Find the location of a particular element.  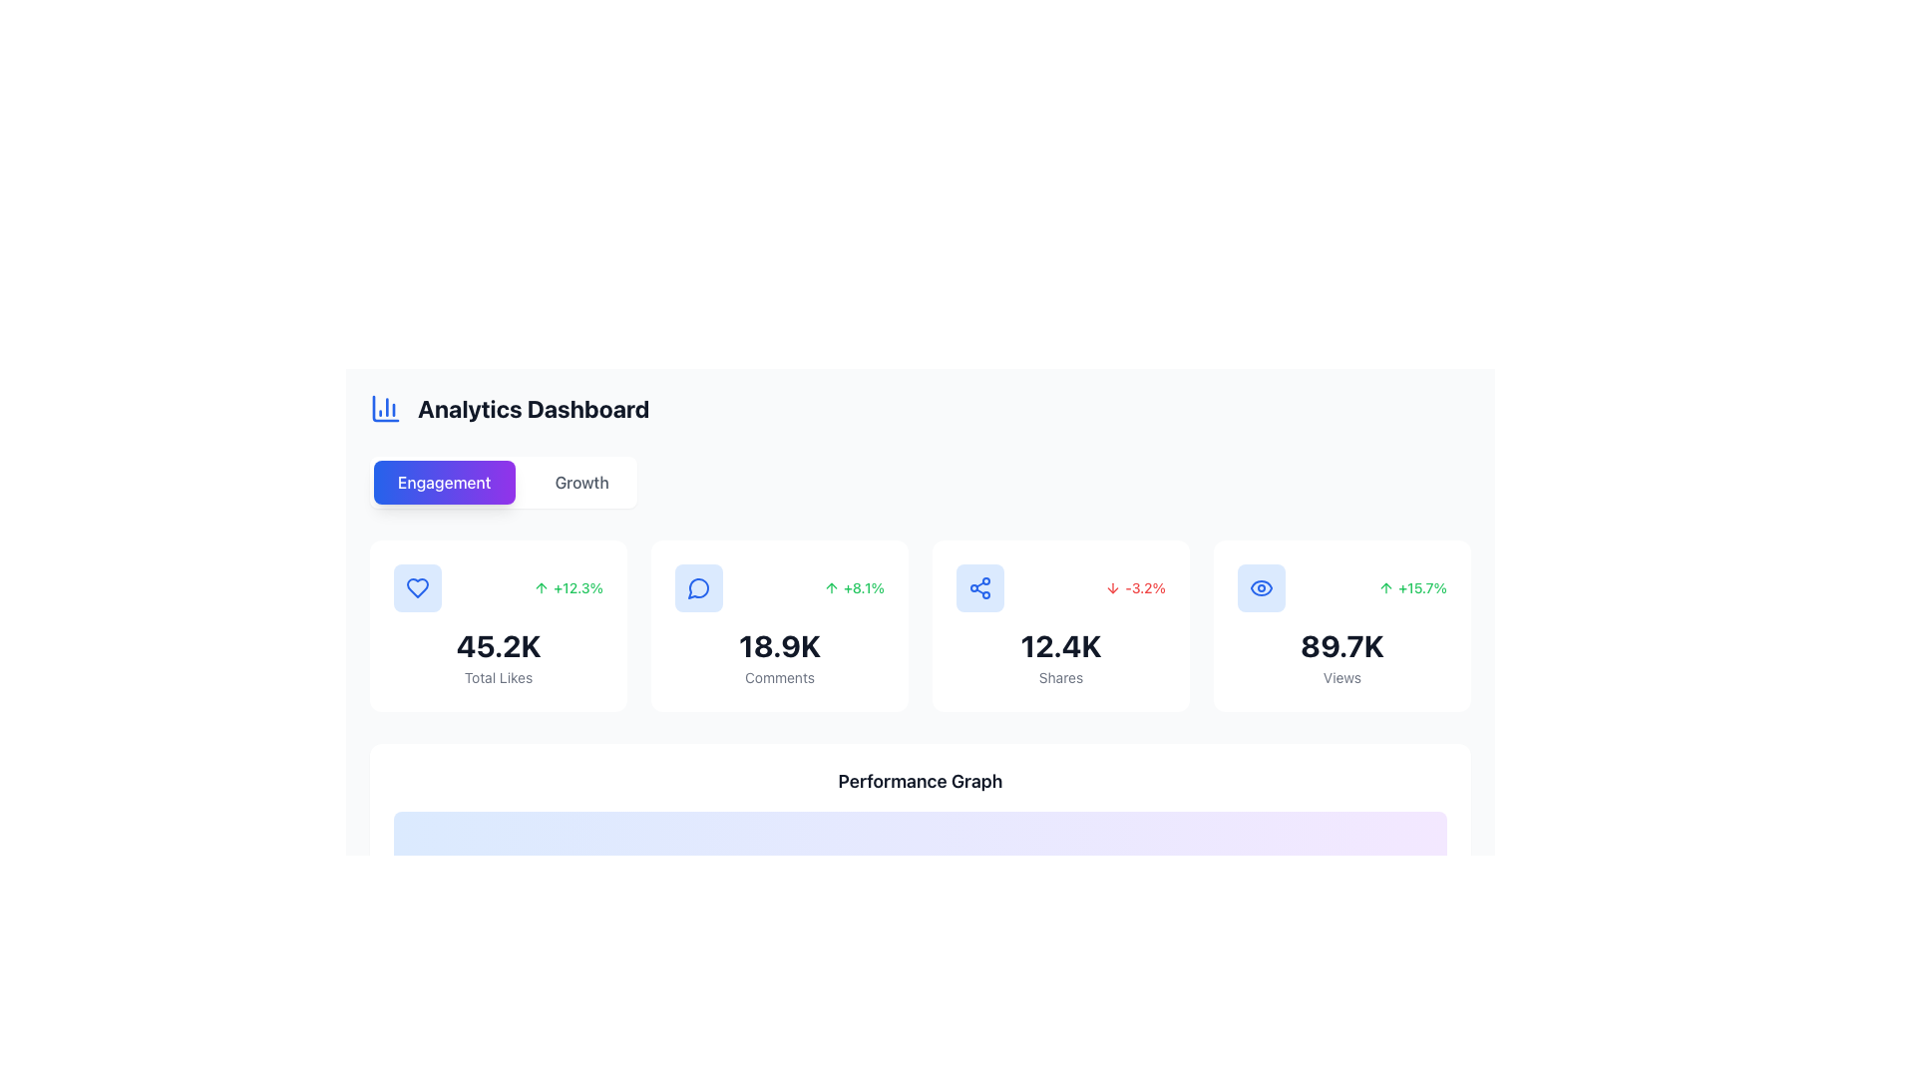

the text label displaying '+8.1%' in green bold font, which is accompanied by an upward pointing arrow icon, located in the second card of the Comments section is located at coordinates (854, 587).